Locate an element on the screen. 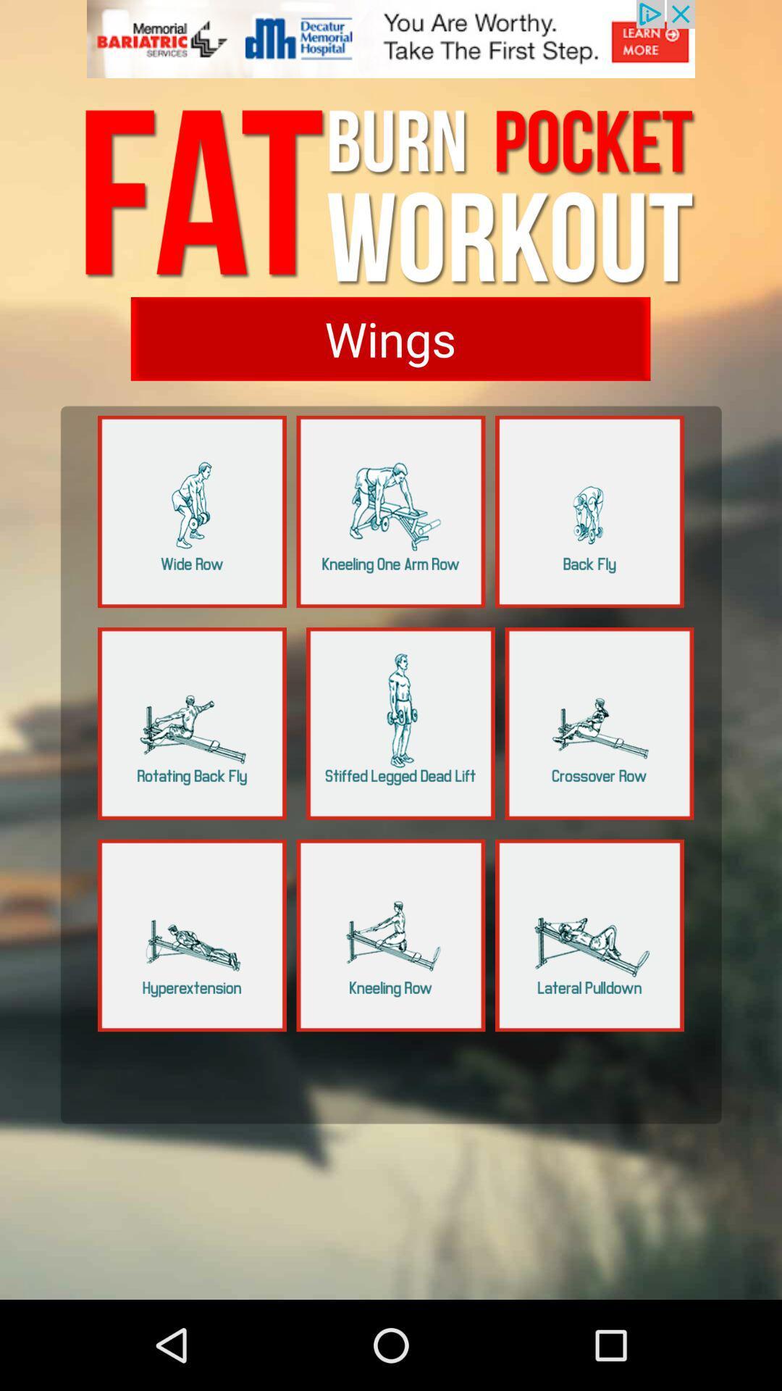  choose wings is located at coordinates (390, 338).